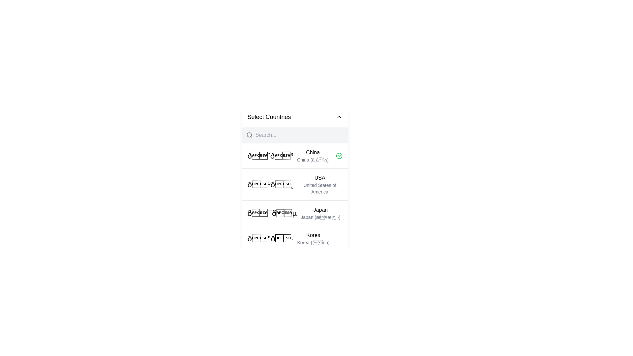 This screenshot has height=356, width=633. Describe the element at coordinates (313, 235) in the screenshot. I see `the text label that identifies Korea in the list of country options` at that location.